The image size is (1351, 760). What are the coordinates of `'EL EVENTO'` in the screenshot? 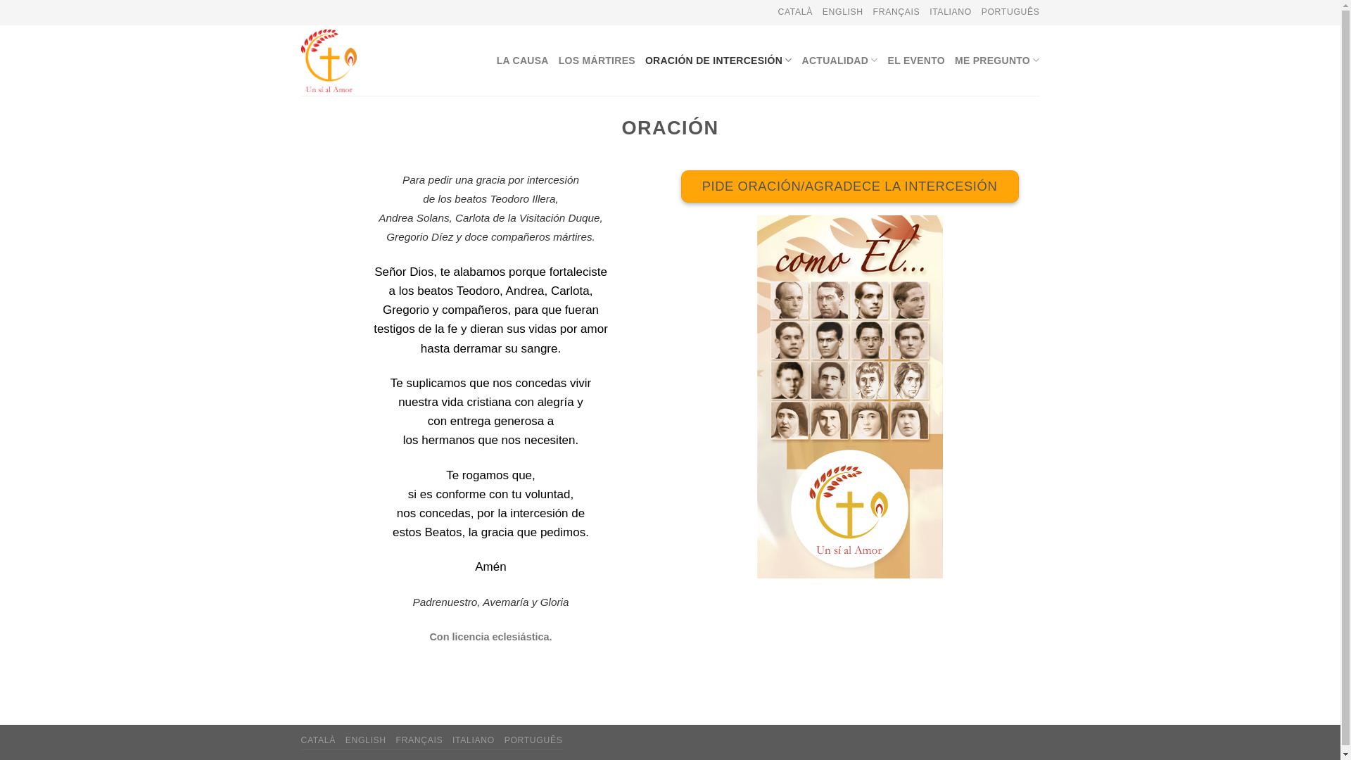 It's located at (887, 59).